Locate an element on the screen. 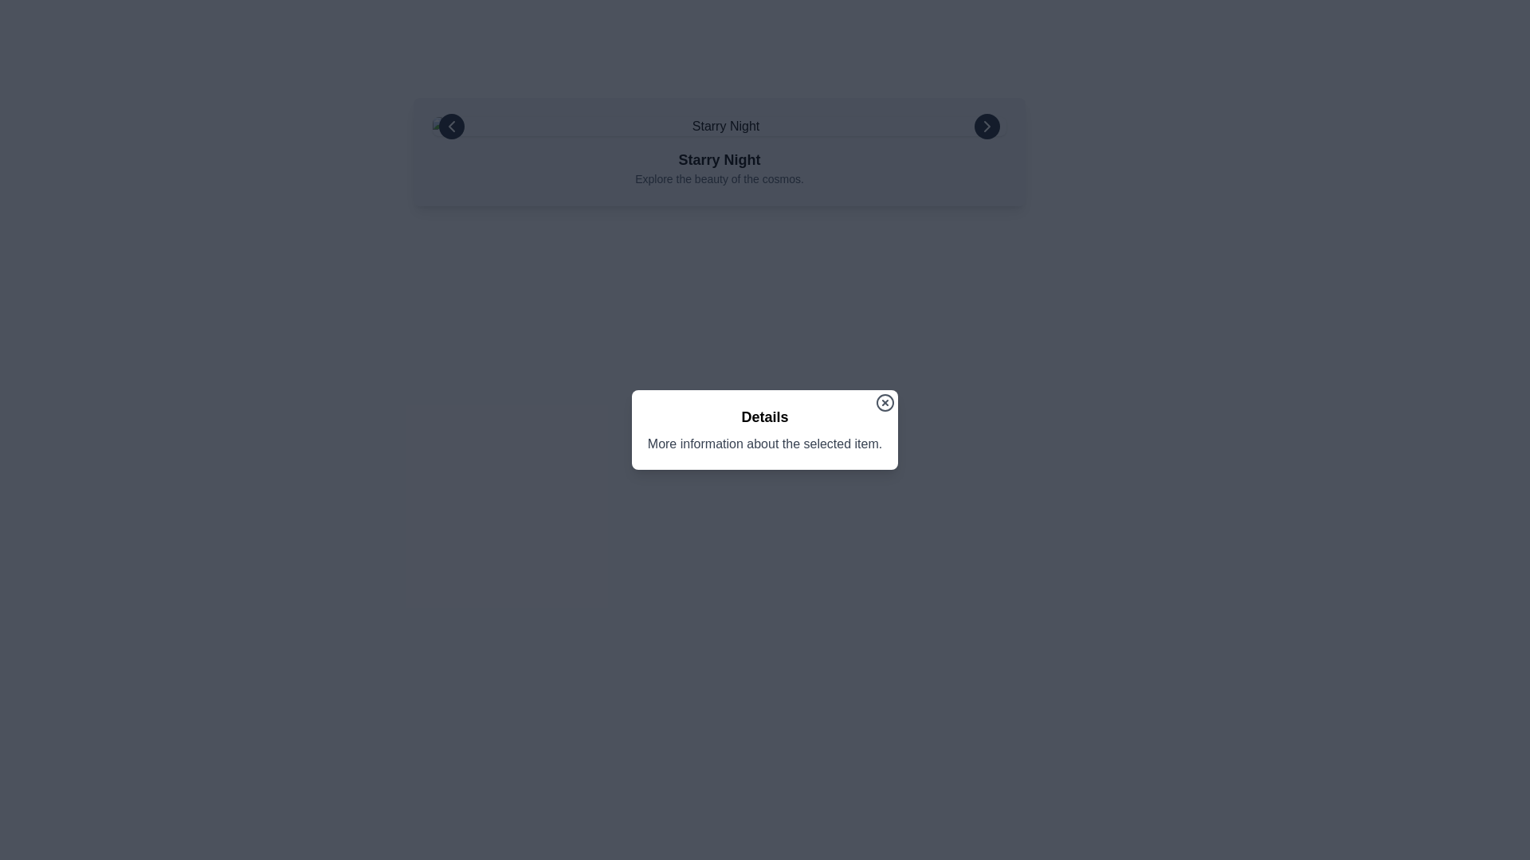 The image size is (1530, 860). the Text label displaying the title 'Starry Night', which serves as the main heading in its section is located at coordinates (718, 159).